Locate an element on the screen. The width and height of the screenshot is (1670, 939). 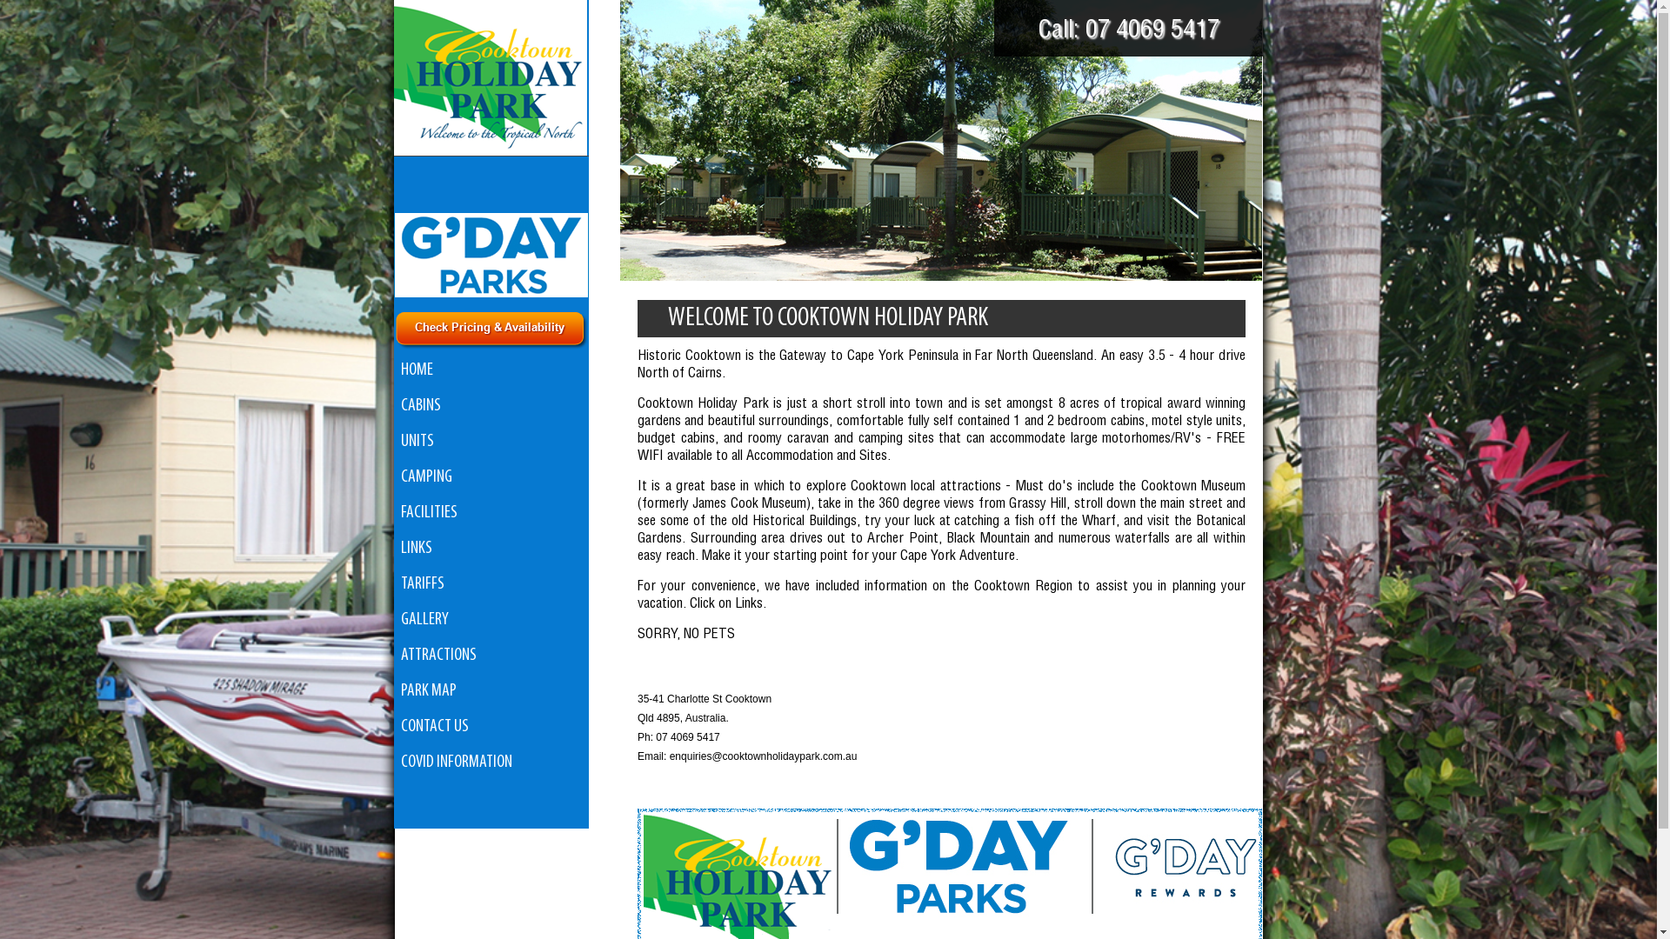
'COVID INFORMATION' is located at coordinates (491, 762).